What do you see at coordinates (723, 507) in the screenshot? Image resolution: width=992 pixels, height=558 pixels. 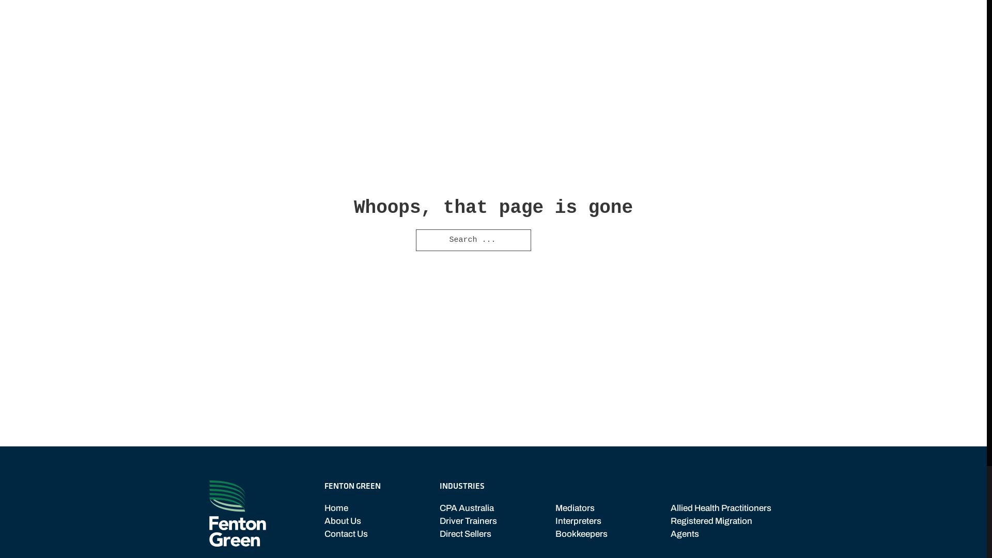 I see `'Allied Health Practitioners'` at bounding box center [723, 507].